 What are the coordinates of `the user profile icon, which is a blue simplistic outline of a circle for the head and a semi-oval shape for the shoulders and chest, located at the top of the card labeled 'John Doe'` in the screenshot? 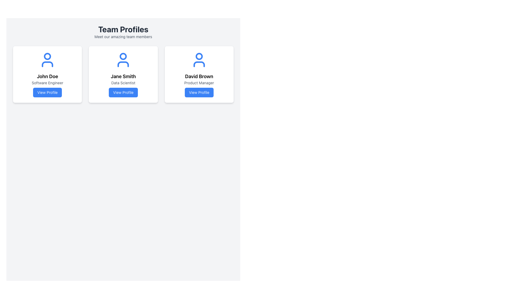 It's located at (47, 60).